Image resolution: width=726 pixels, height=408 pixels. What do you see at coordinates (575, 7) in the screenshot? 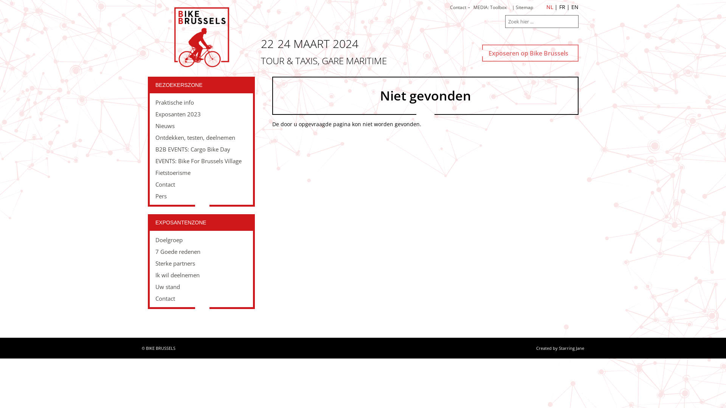
I see `'EN'` at bounding box center [575, 7].